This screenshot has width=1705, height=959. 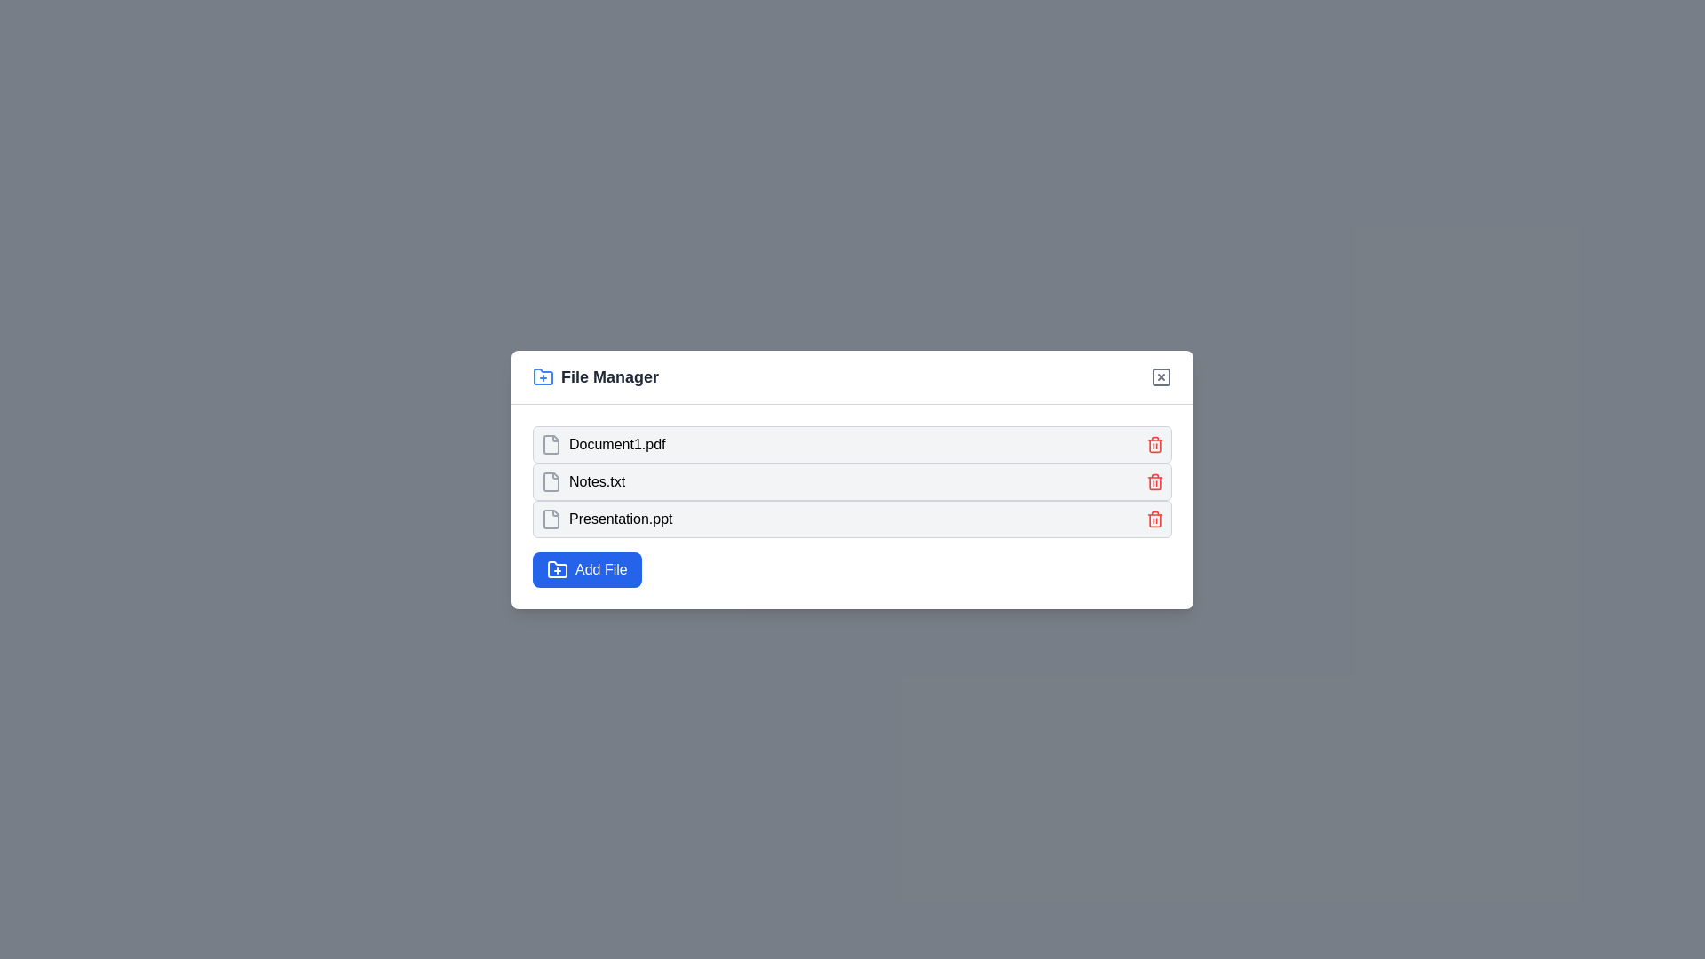 What do you see at coordinates (607, 519) in the screenshot?
I see `the text label displaying the file name 'Presentation.ppt' in the file manager interface, which is located in the third row of the file list, to the right of the document icon` at bounding box center [607, 519].